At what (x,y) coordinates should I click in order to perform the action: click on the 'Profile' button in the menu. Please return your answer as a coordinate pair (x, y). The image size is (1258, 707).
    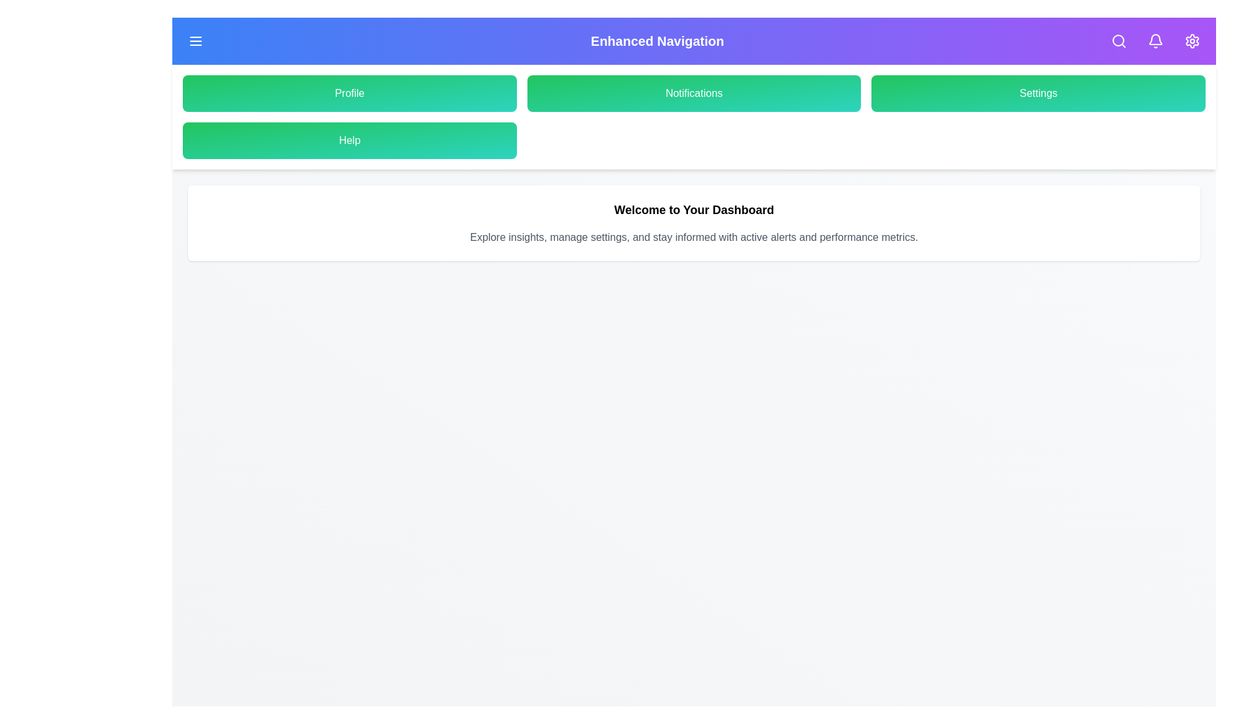
    Looking at the image, I should click on (349, 92).